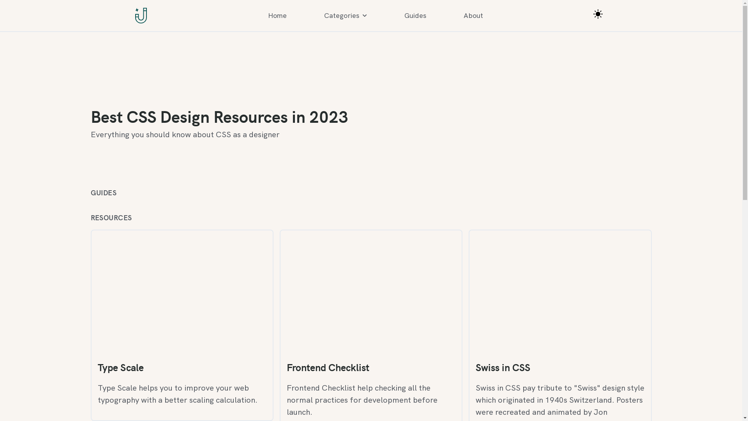  What do you see at coordinates (277, 15) in the screenshot?
I see `'Home'` at bounding box center [277, 15].